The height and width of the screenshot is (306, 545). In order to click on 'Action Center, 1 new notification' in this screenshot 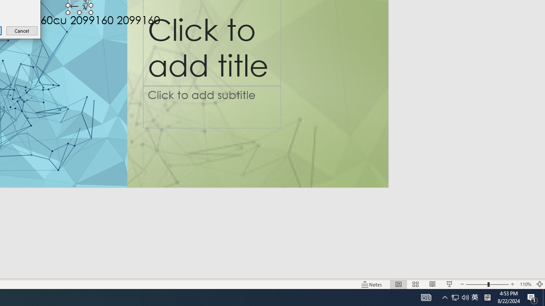, I will do `click(532, 297)`.